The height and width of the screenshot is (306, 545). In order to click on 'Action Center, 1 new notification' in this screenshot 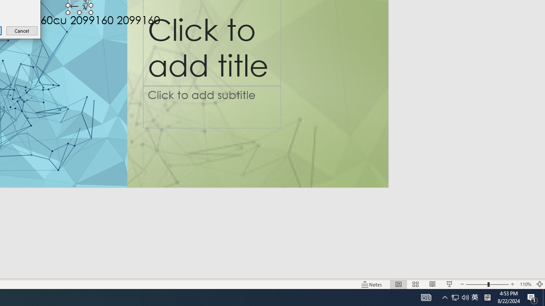, I will do `click(532, 297)`.